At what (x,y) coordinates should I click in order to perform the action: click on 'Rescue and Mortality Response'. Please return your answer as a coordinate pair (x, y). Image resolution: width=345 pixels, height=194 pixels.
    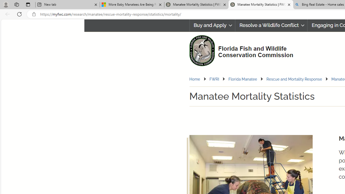
    Looking at the image, I should click on (298, 79).